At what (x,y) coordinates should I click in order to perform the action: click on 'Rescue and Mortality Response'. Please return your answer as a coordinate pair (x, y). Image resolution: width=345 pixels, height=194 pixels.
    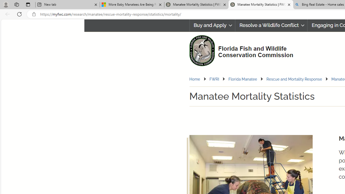
    Looking at the image, I should click on (298, 79).